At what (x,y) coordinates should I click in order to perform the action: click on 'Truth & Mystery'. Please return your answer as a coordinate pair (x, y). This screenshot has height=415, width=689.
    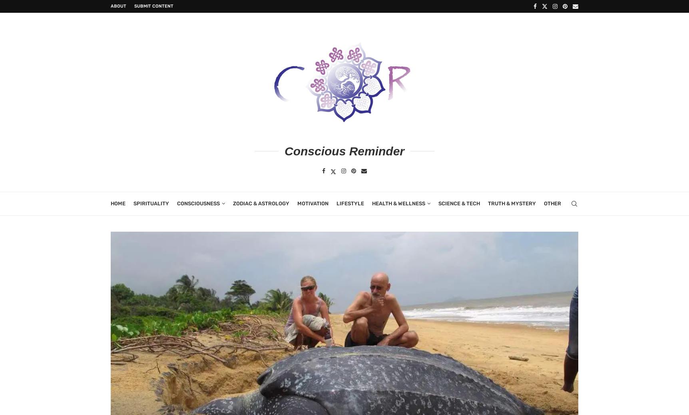
    Looking at the image, I should click on (488, 203).